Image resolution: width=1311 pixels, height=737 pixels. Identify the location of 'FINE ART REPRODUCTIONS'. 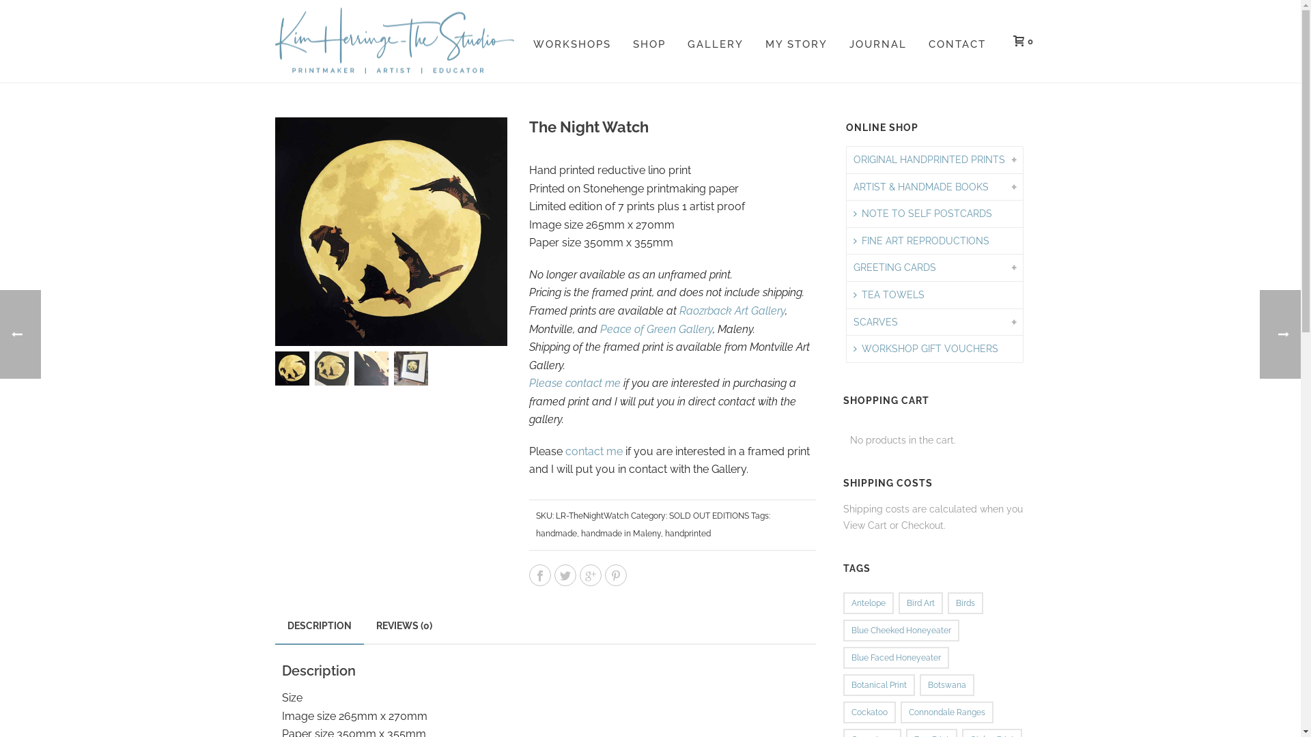
(921, 240).